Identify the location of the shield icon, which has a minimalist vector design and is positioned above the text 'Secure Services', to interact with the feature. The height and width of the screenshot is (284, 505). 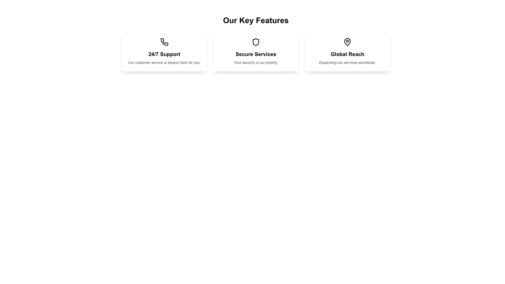
(256, 42).